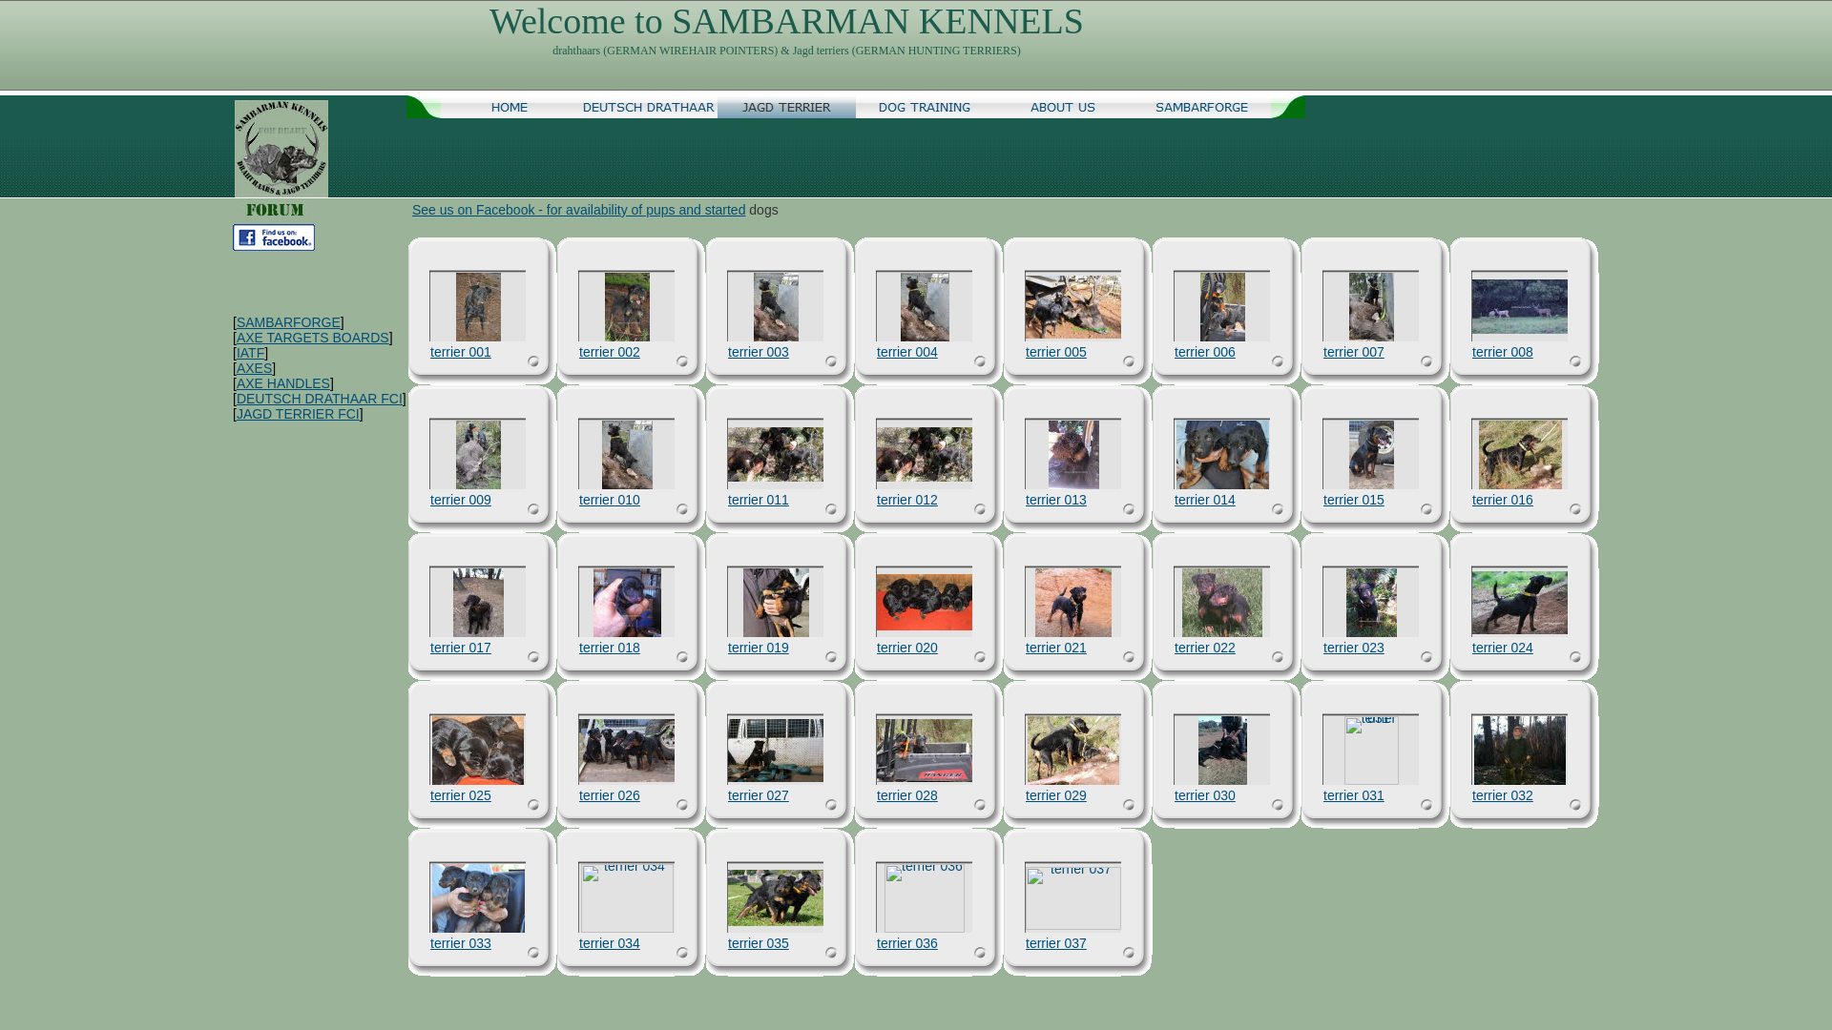  Describe the element at coordinates (478, 455) in the screenshot. I see `'terrier 009'` at that location.